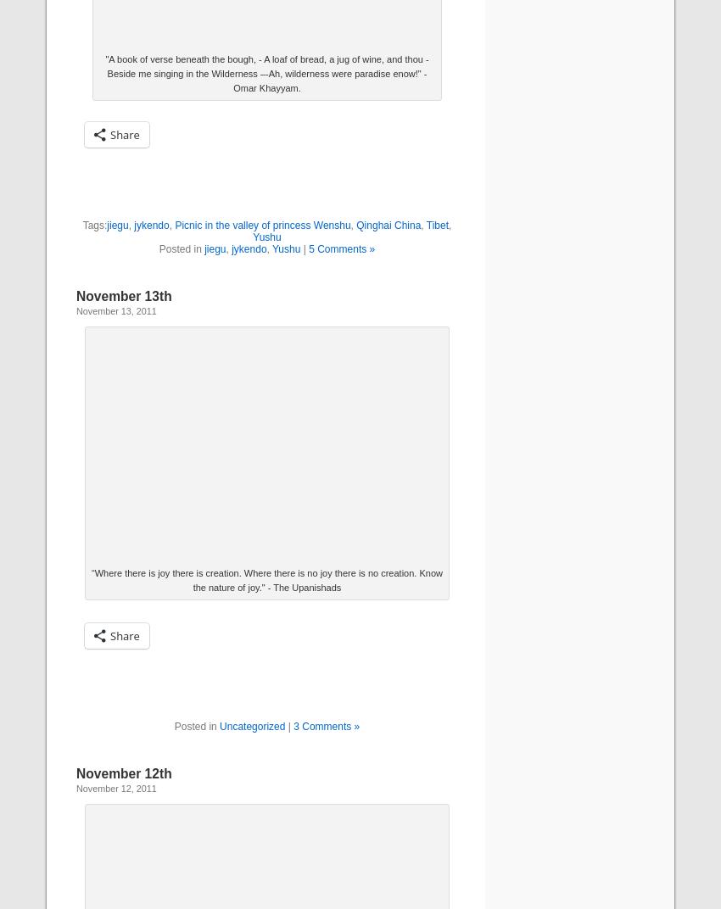  What do you see at coordinates (75, 295) in the screenshot?
I see `'November 13th'` at bounding box center [75, 295].